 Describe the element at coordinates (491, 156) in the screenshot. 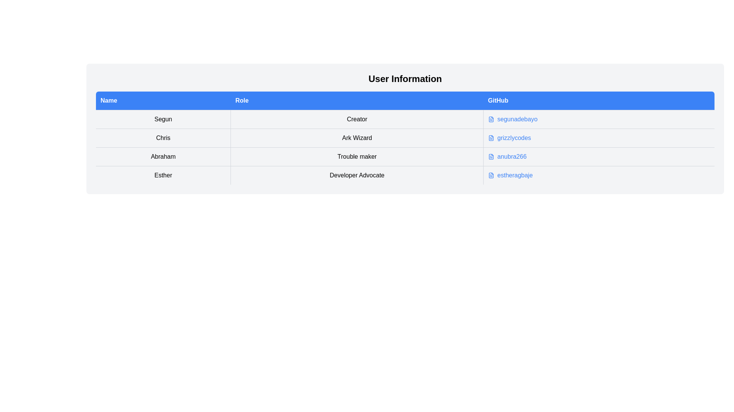

I see `the SVG icon representing a file or related document associated with the GitHub username 'anubra266' in the third row of the table` at that location.